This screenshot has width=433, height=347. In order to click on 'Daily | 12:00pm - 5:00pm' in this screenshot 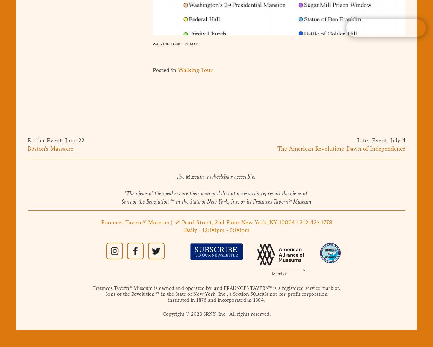, I will do `click(216, 230)`.